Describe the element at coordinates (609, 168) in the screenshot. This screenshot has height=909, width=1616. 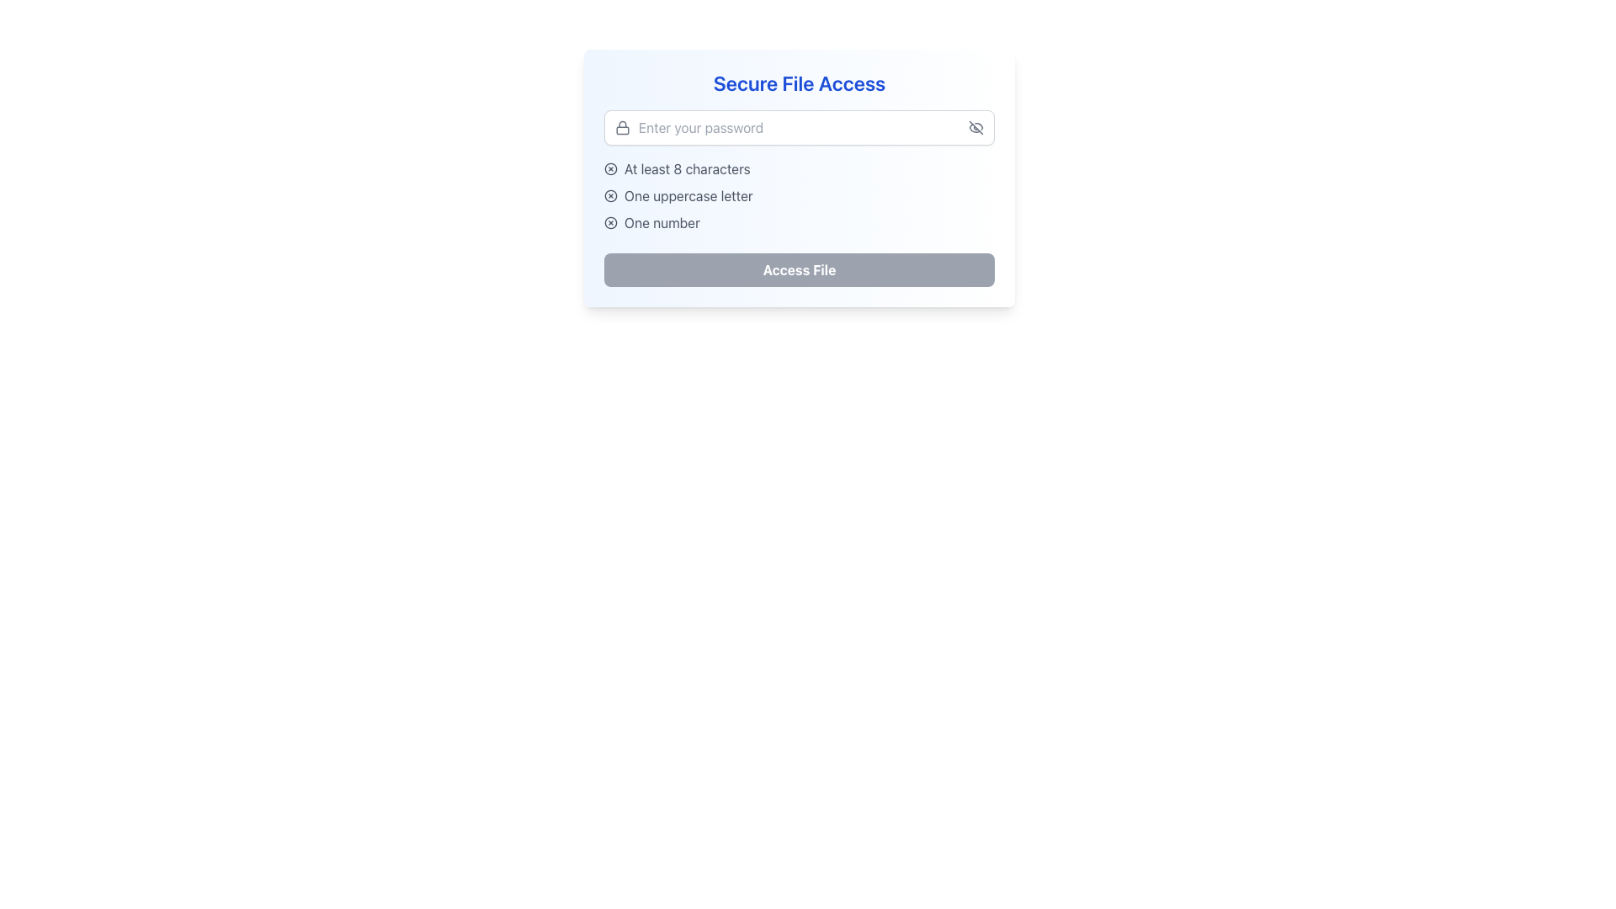
I see `the validation icon indicating the 'At least 8 characters' criterion, which currently shows an 'X' symbol to indicate the condition is unmet` at that location.